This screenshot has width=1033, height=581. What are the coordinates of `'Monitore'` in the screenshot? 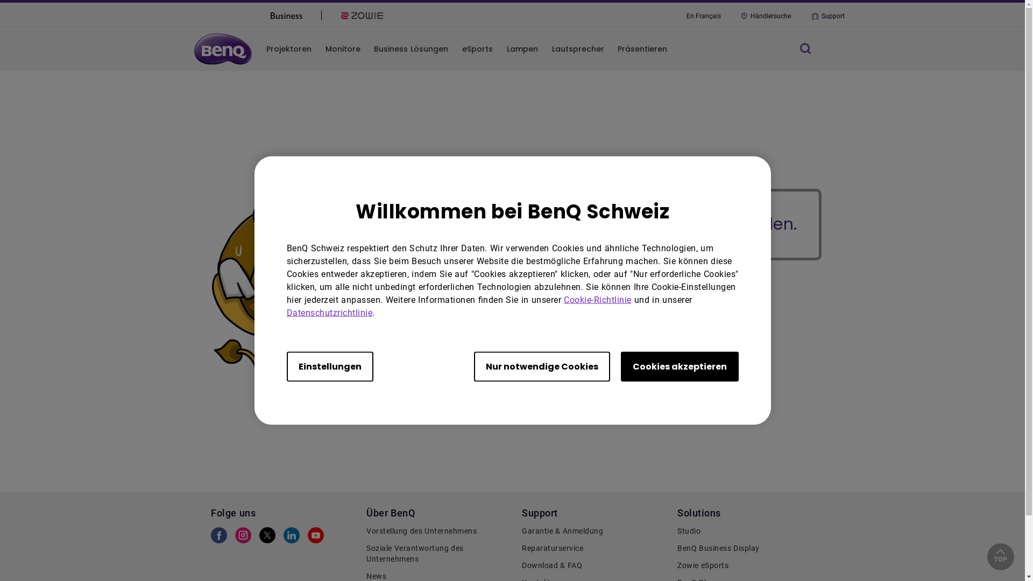 It's located at (319, 49).